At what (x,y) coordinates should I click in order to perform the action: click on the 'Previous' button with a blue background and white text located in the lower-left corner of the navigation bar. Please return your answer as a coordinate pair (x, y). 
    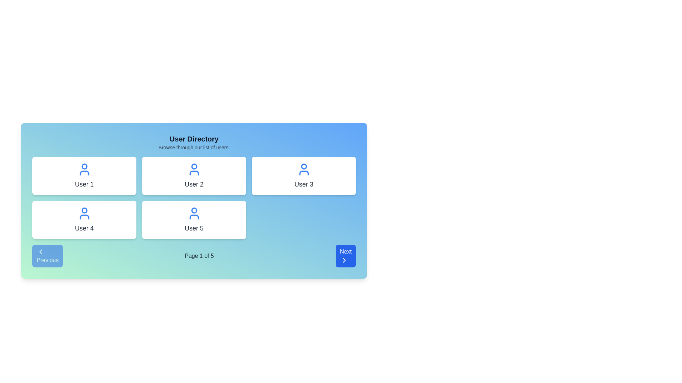
    Looking at the image, I should click on (47, 256).